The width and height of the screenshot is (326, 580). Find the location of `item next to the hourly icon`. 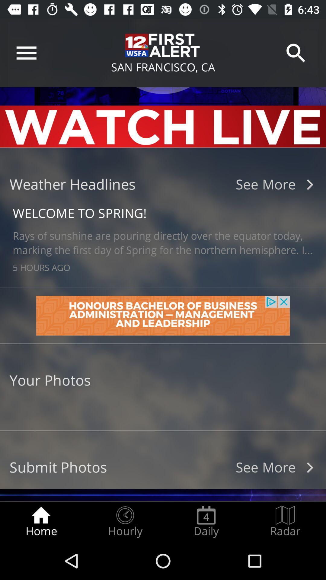

item next to the hourly icon is located at coordinates (206, 521).